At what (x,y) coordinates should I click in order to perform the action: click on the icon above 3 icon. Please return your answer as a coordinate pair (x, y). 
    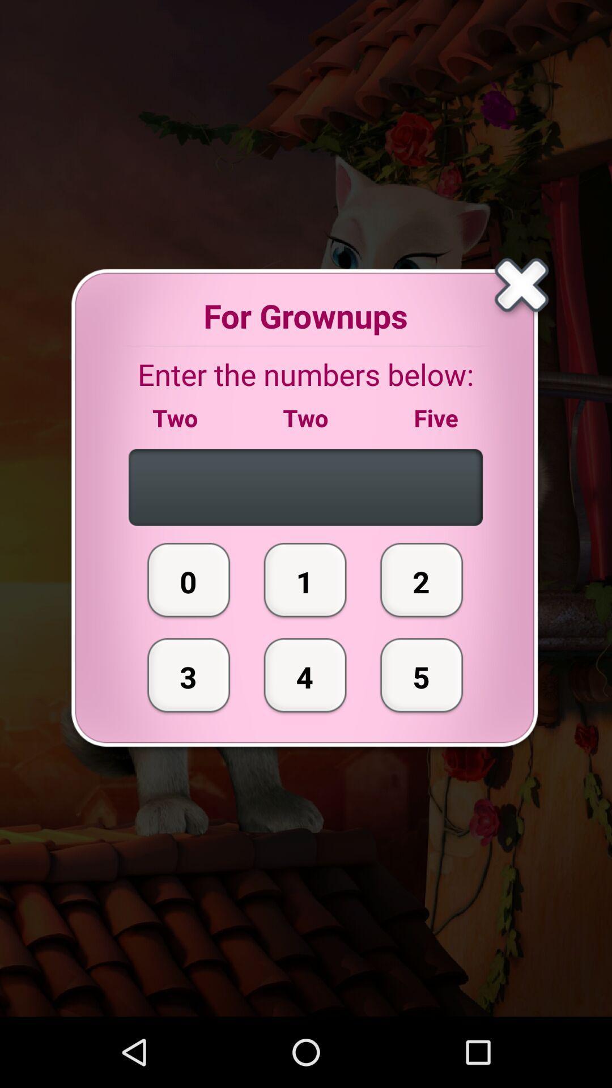
    Looking at the image, I should click on (188, 580).